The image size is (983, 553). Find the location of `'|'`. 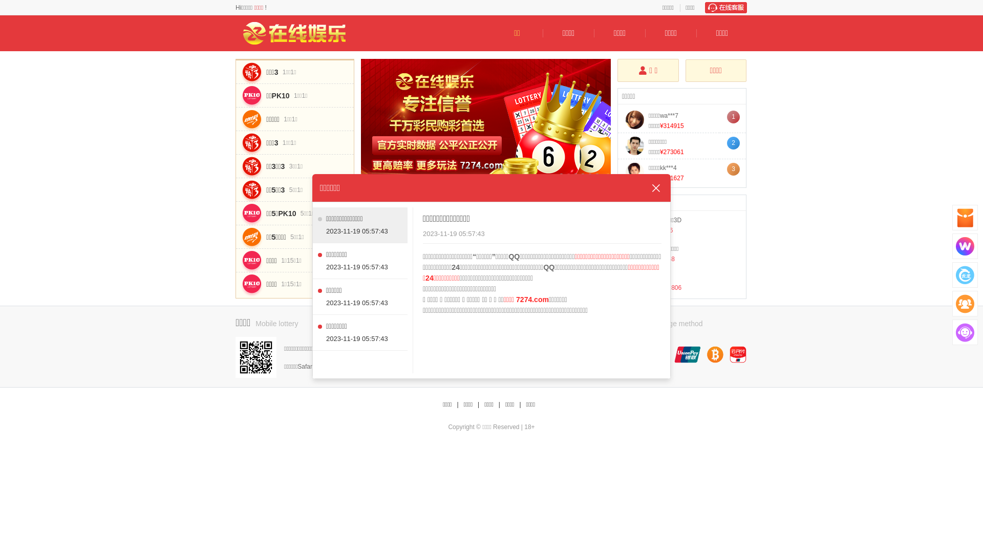

'|' is located at coordinates (478, 404).